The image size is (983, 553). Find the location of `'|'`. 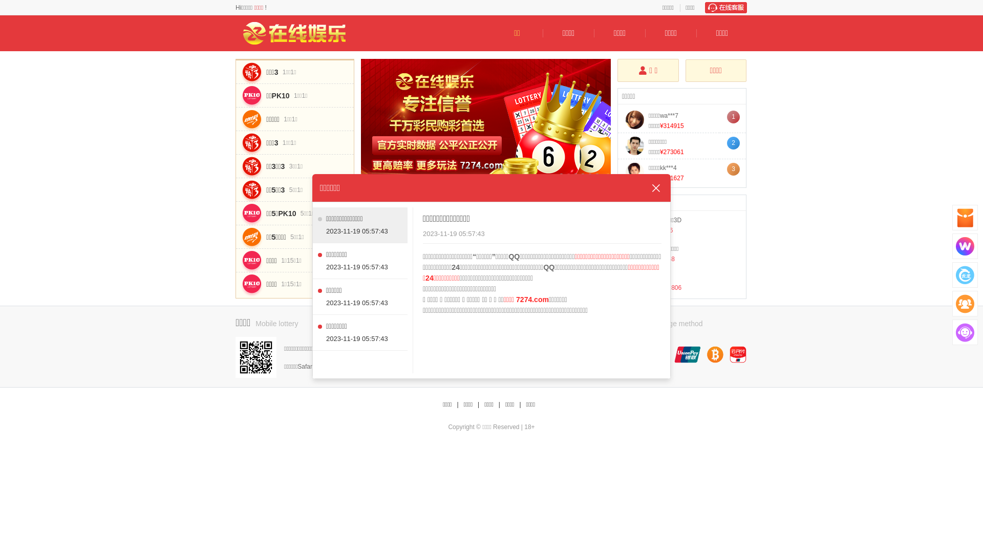

'|' is located at coordinates (478, 404).